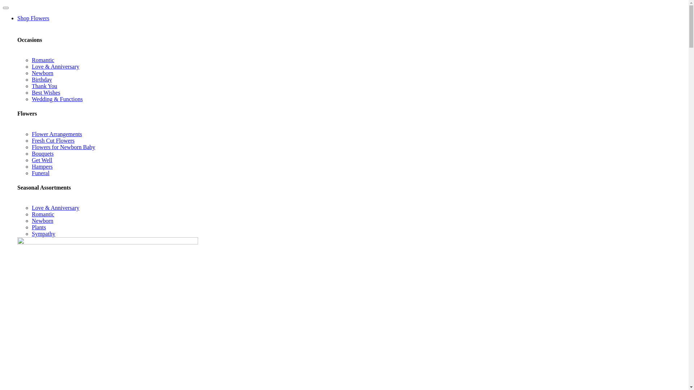 This screenshot has height=390, width=694. I want to click on 'Shop Flowers', so click(33, 18).